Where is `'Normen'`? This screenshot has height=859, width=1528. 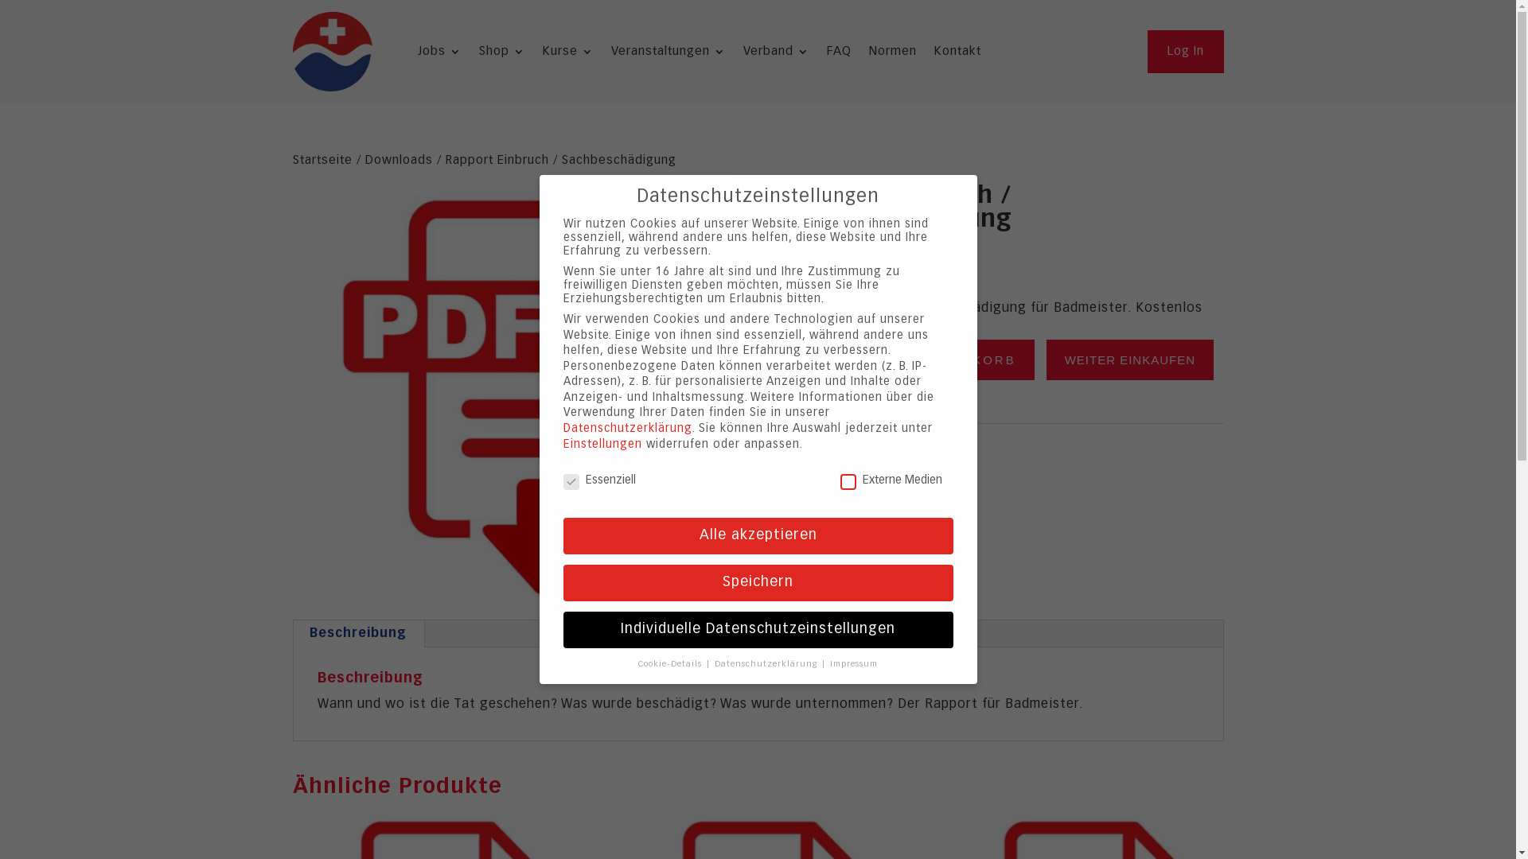 'Normen' is located at coordinates (893, 54).